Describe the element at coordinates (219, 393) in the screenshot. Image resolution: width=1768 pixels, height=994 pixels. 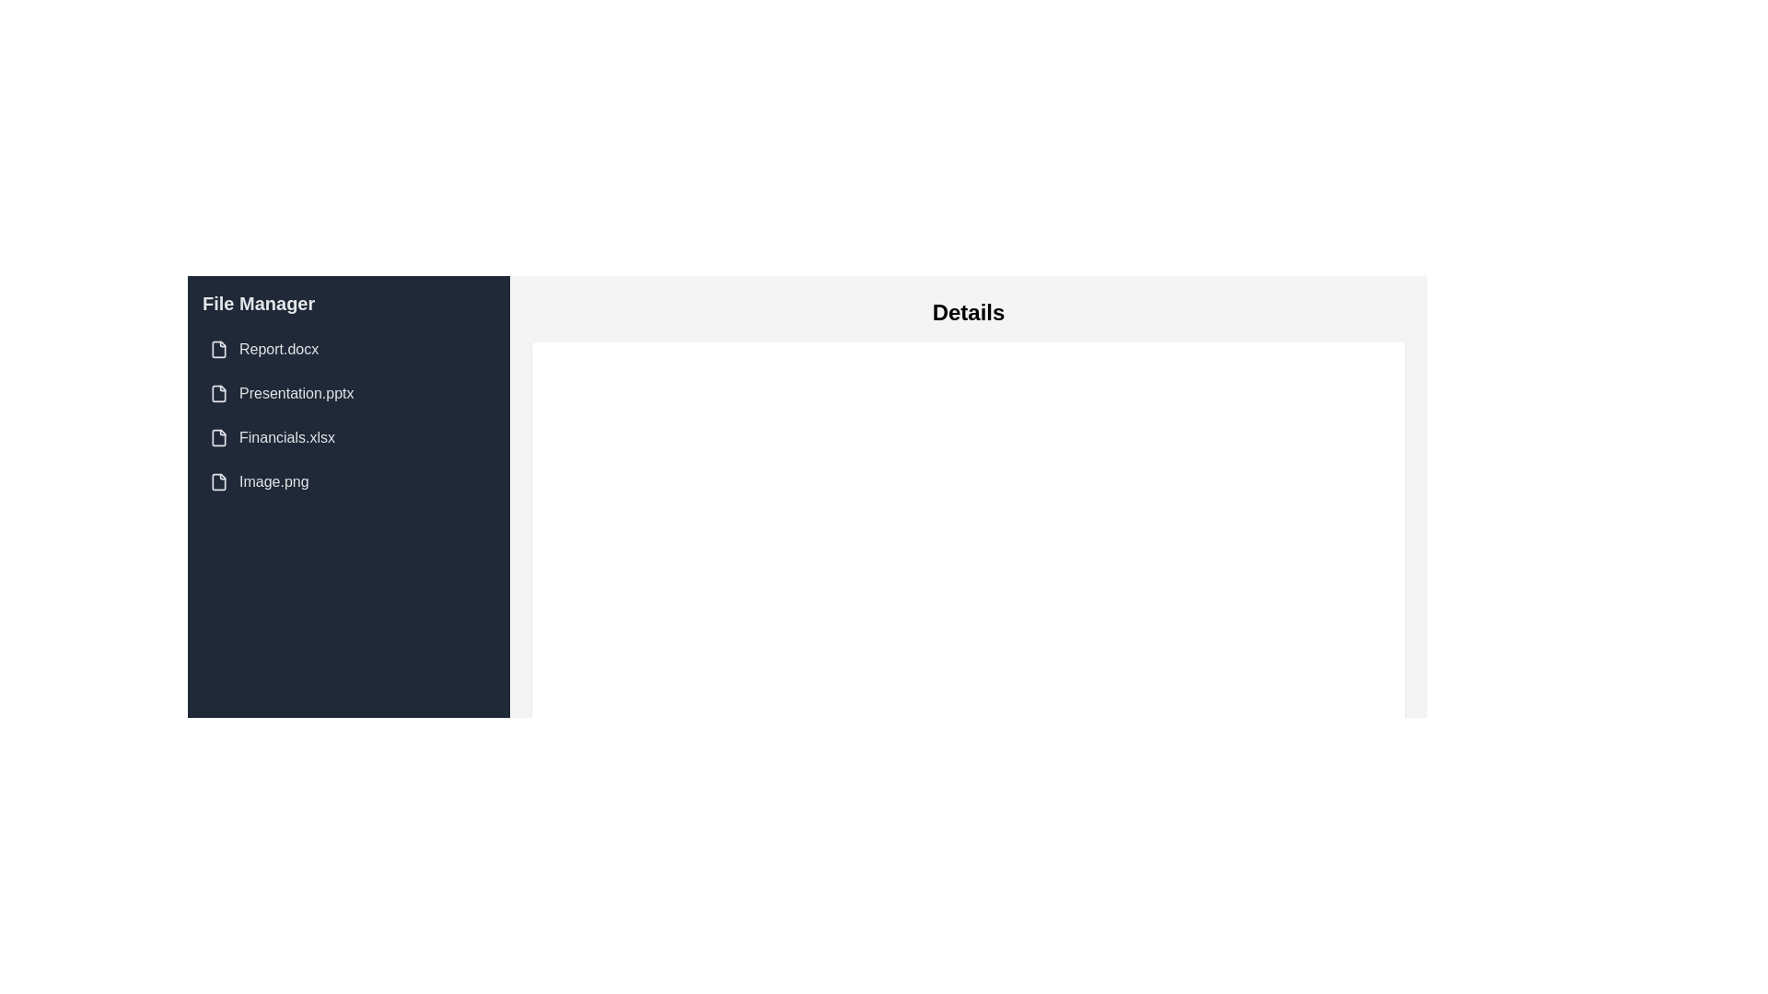
I see `the file icon represented as a paper-like silhouette with a folded corner, located next to 'Presentation.pptx'` at that location.